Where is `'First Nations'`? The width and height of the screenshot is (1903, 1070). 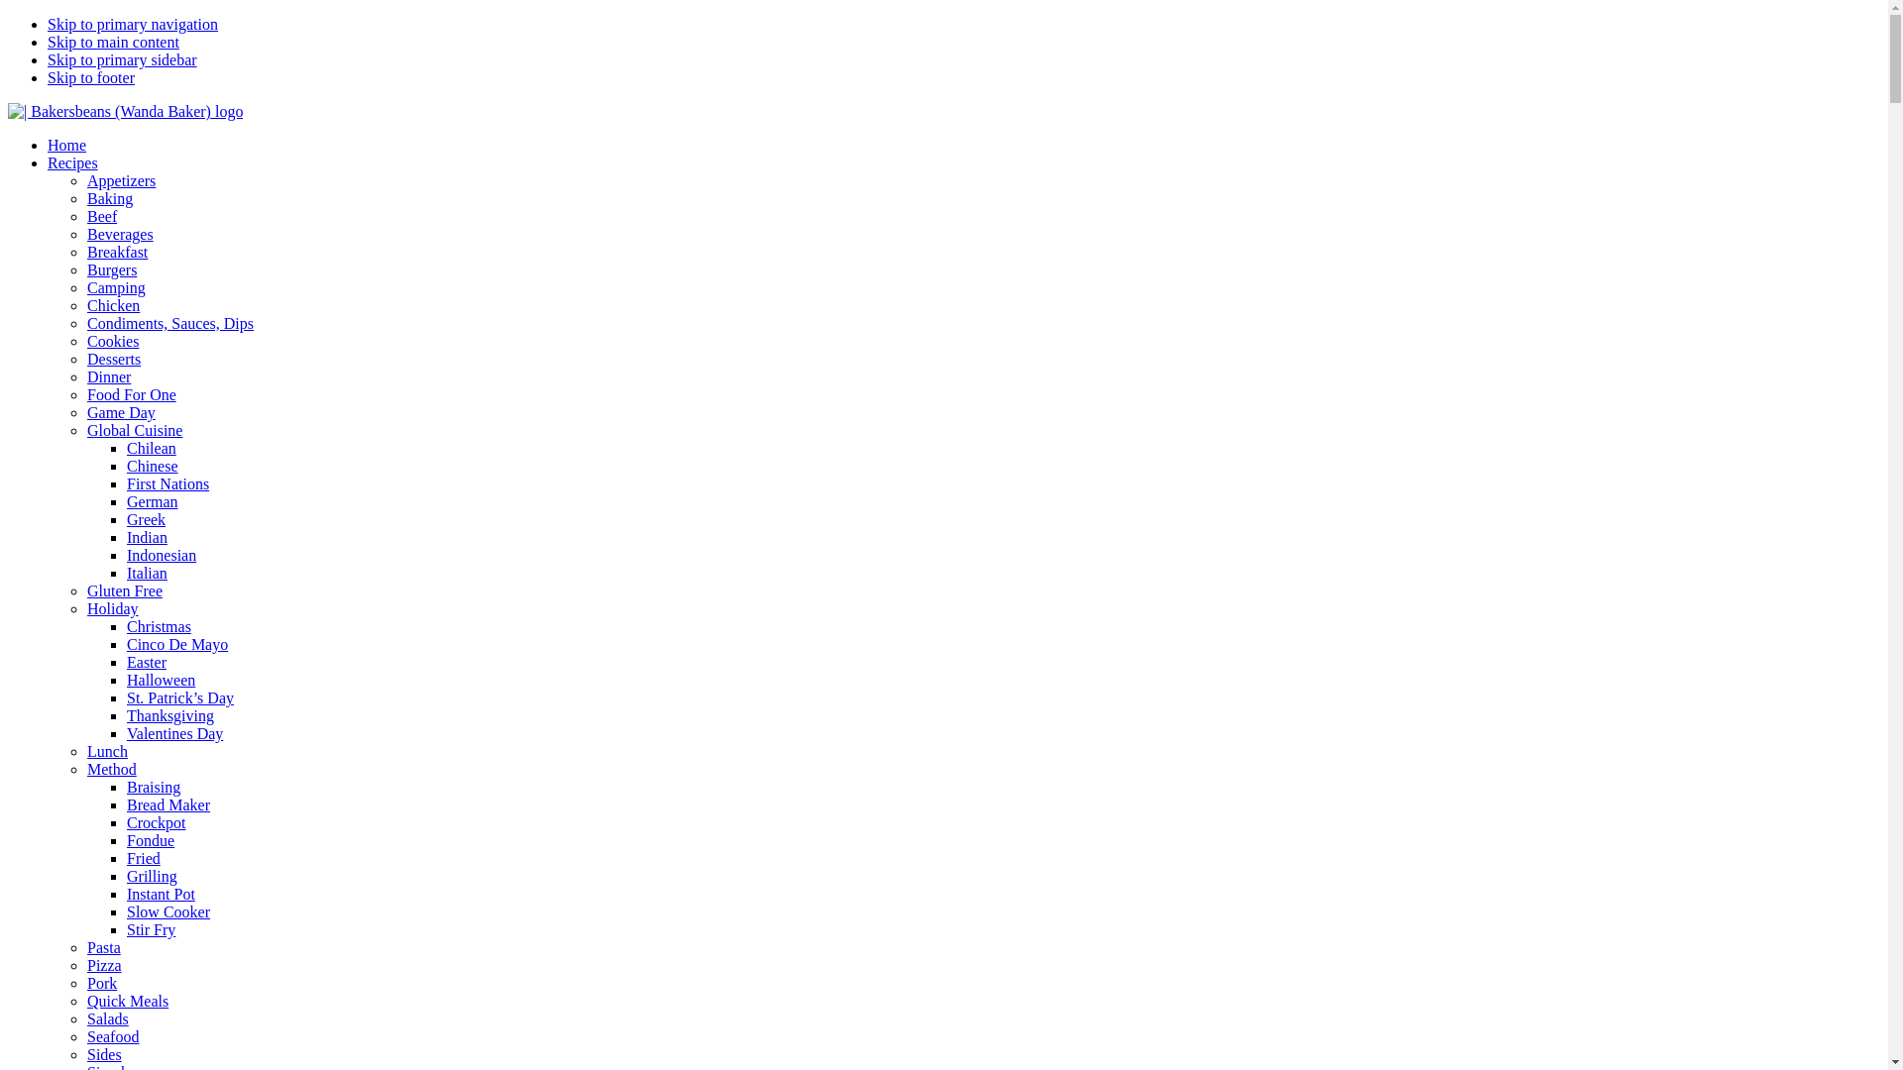
'First Nations' is located at coordinates (168, 483).